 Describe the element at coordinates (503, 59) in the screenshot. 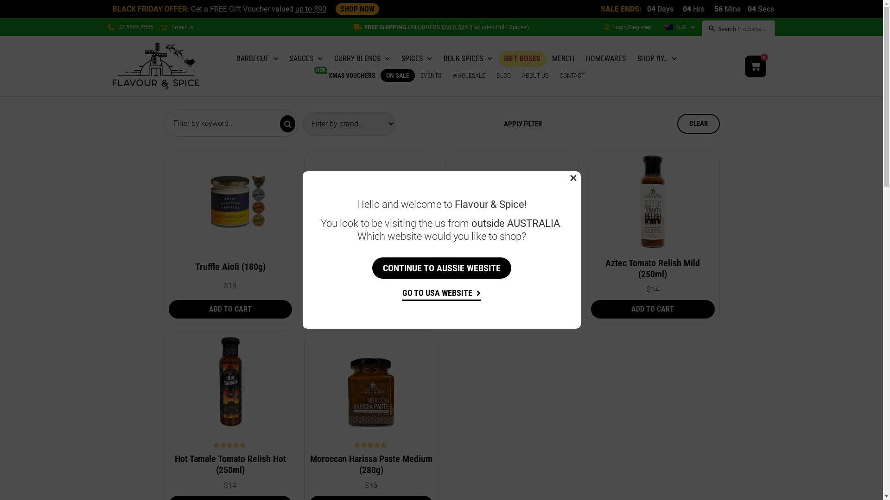

I see `'GIFT BOXES'` at that location.